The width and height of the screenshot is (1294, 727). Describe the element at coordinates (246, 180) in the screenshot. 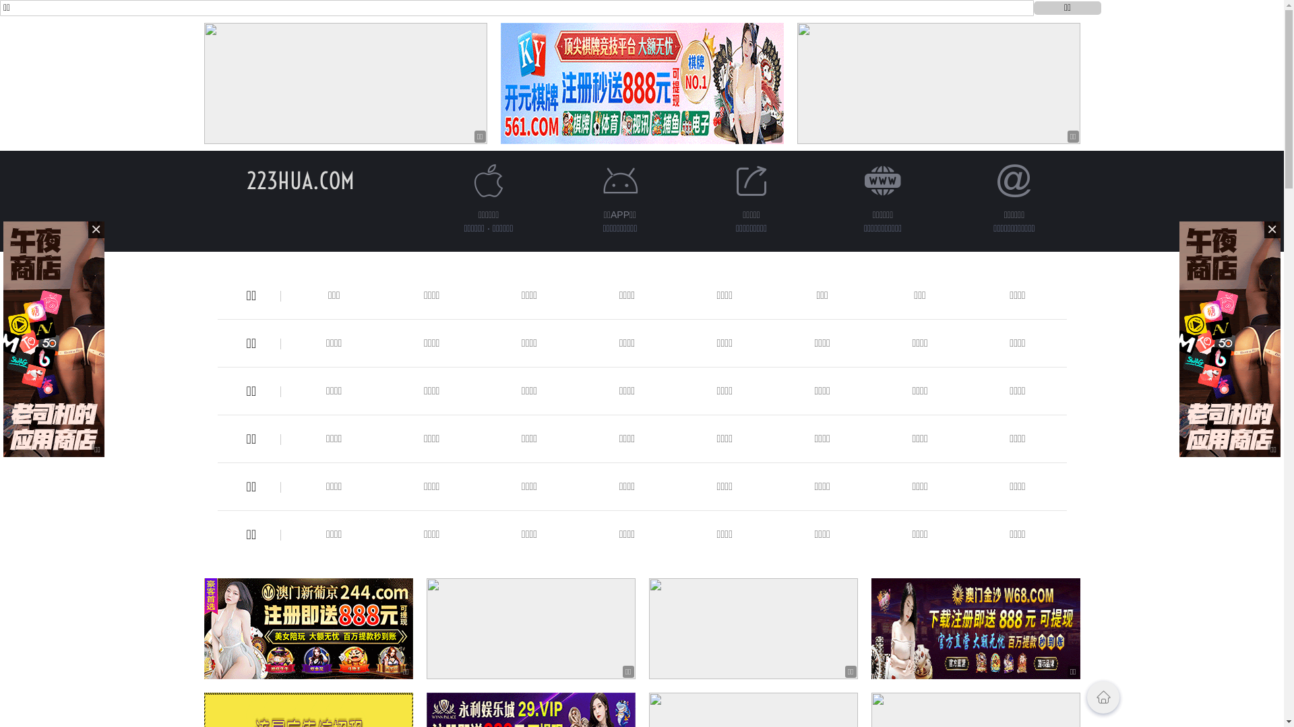

I see `'223HUA.COM'` at that location.